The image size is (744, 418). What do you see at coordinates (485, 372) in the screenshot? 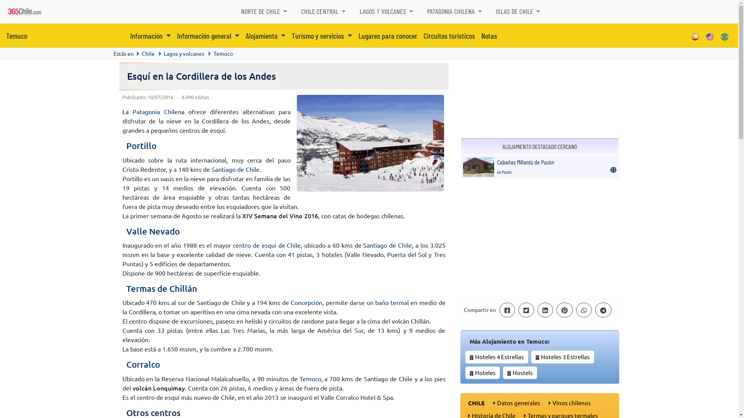
I see `'Hoteles'` at bounding box center [485, 372].